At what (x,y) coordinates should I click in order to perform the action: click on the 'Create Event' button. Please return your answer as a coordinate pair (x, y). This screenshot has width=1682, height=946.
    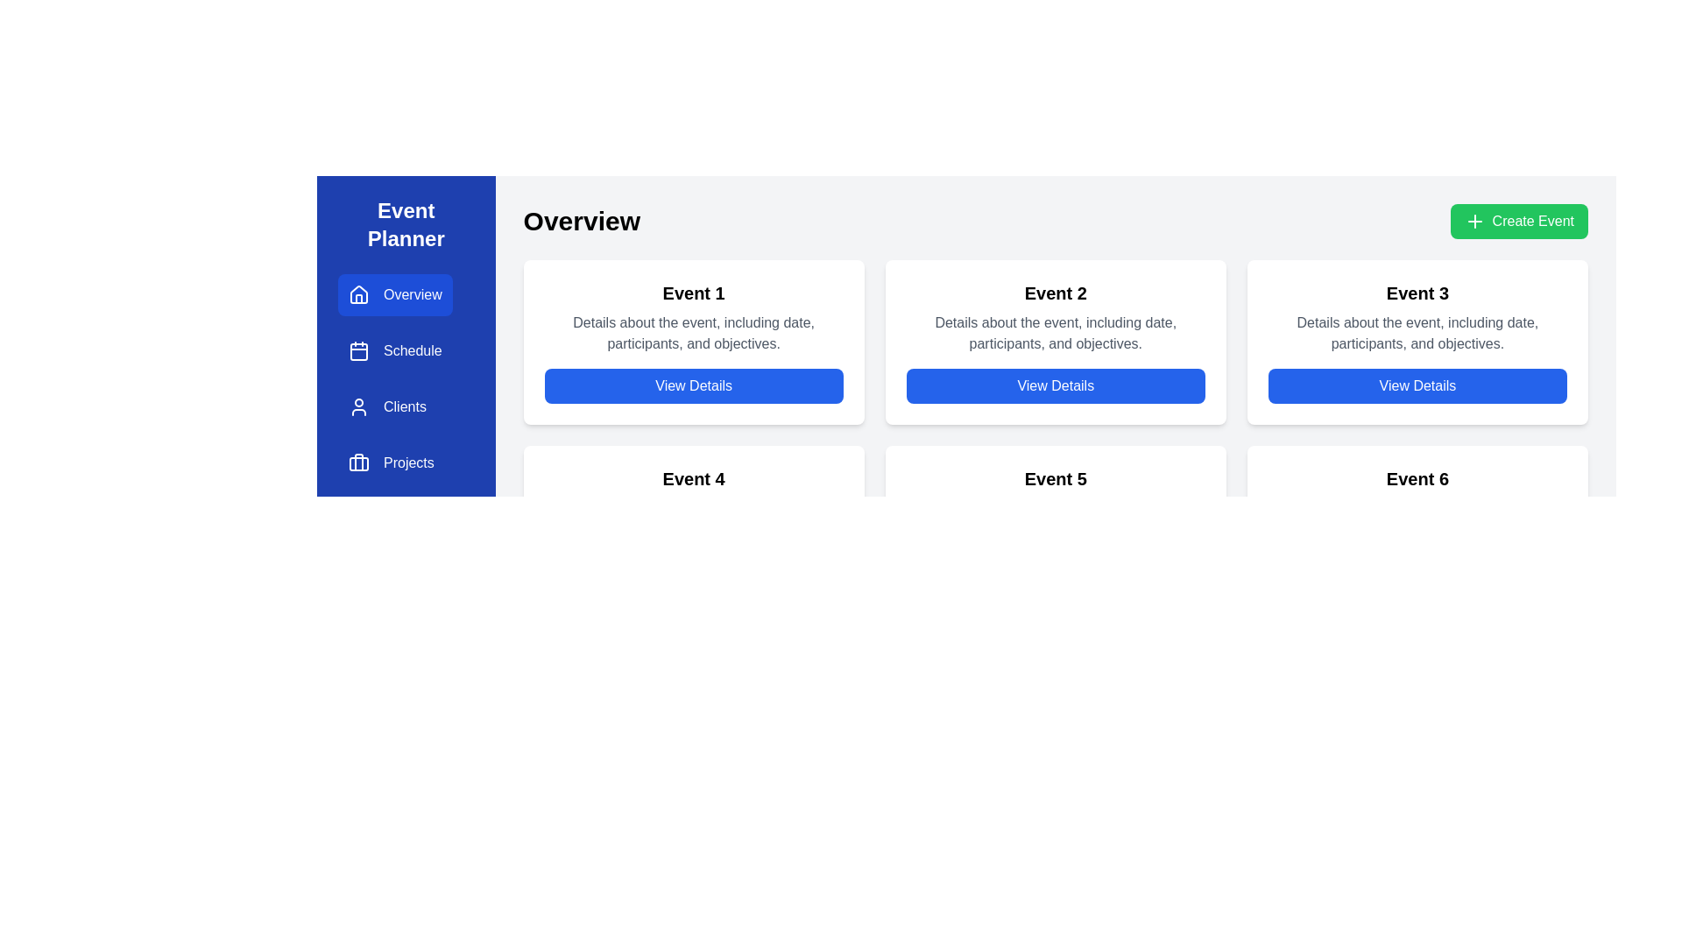
    Looking at the image, I should click on (1518, 221).